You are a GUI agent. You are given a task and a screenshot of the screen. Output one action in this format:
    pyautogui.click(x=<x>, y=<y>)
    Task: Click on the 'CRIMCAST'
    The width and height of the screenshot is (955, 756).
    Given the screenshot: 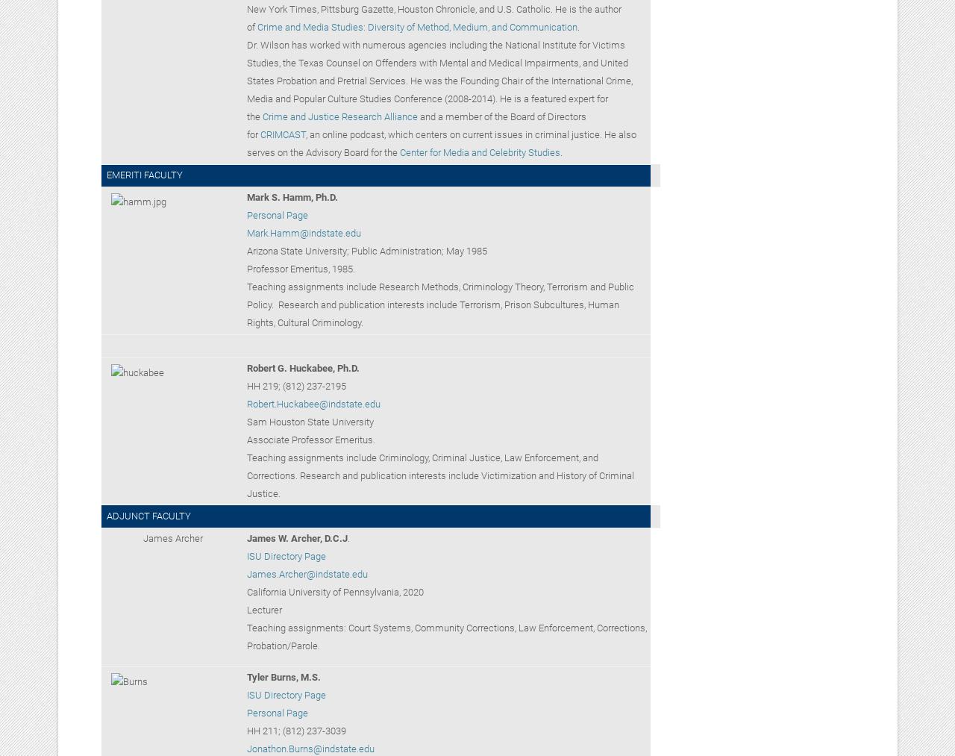 What is the action you would take?
    pyautogui.click(x=260, y=134)
    